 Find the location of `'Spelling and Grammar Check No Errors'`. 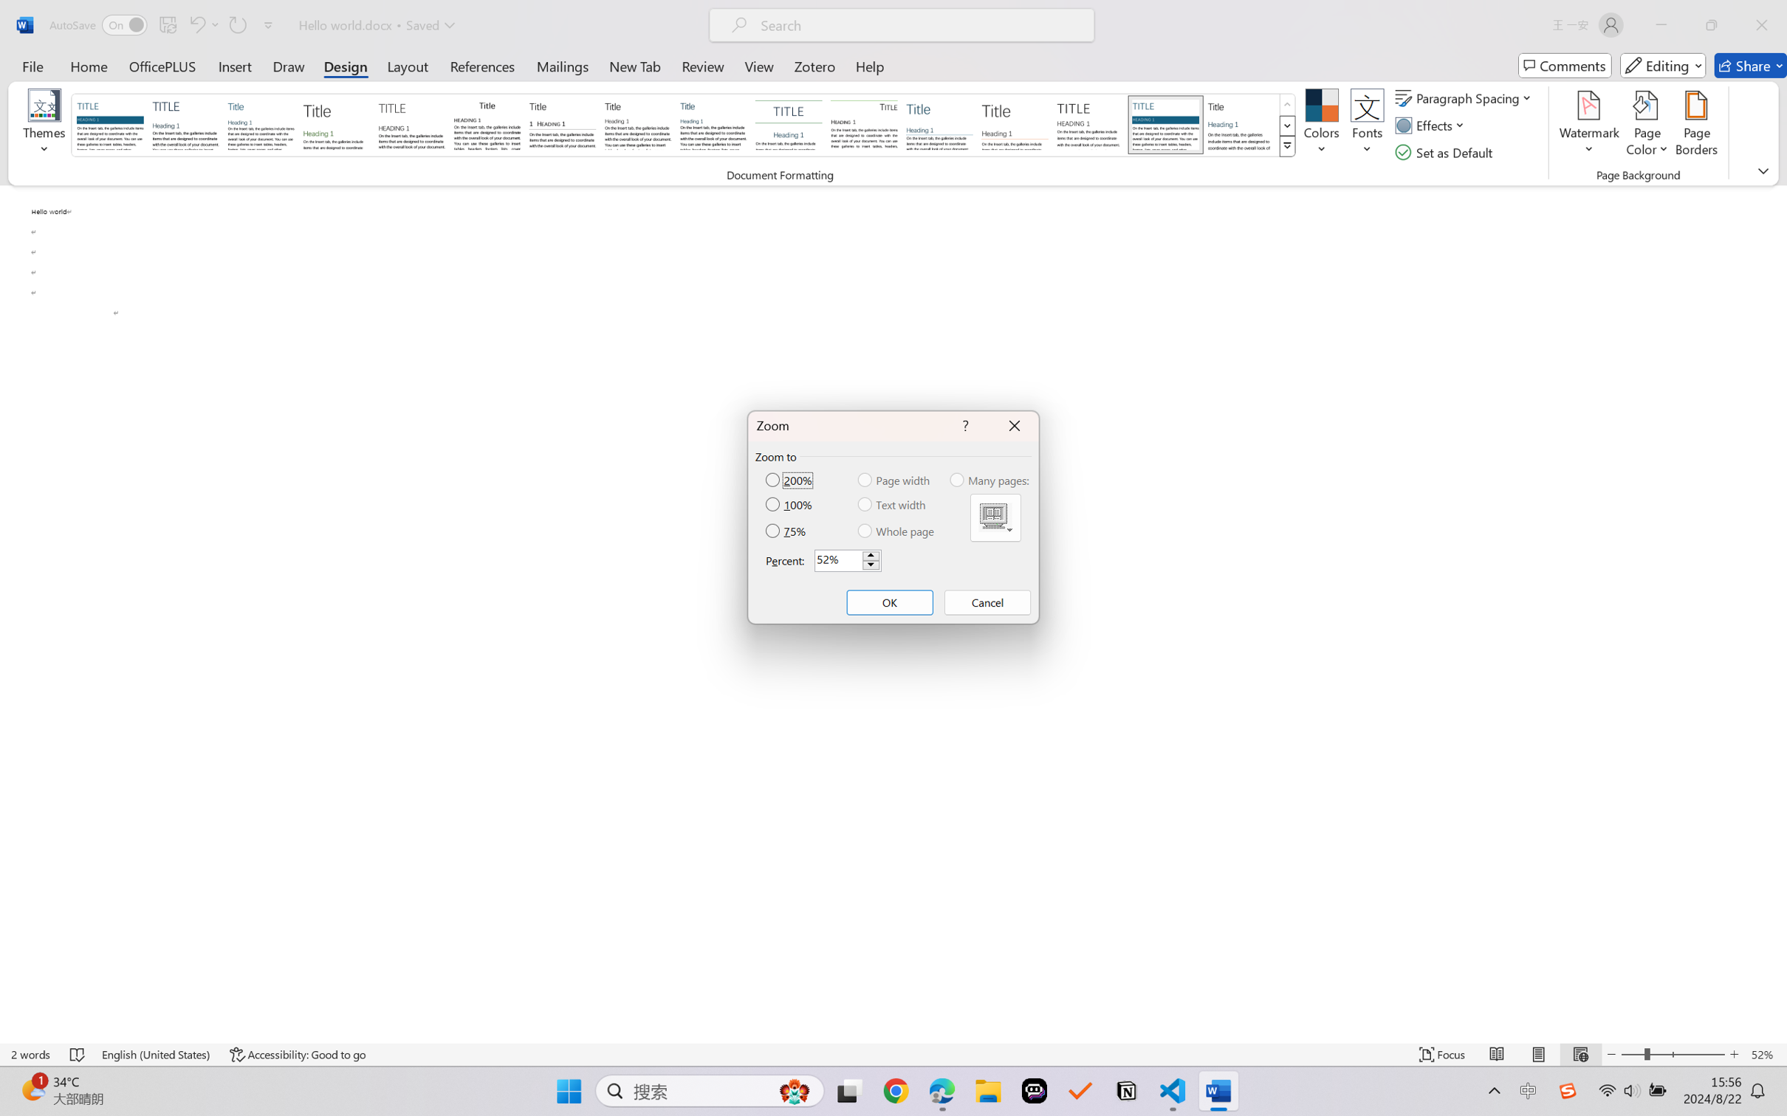

'Spelling and Grammar Check No Errors' is located at coordinates (78, 1054).